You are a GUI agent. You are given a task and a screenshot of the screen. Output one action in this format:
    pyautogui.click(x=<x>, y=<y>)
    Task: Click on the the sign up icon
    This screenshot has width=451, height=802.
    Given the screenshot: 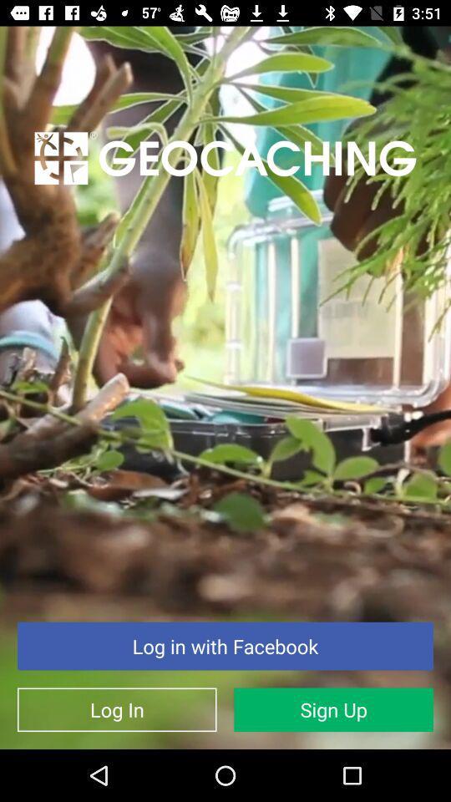 What is the action you would take?
    pyautogui.click(x=333, y=708)
    